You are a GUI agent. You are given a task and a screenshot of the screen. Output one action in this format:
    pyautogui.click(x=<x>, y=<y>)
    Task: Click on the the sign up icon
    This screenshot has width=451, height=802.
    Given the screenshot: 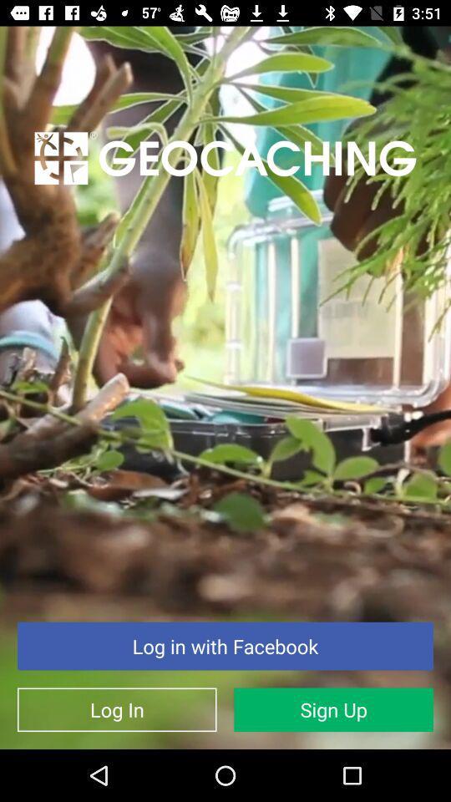 What is the action you would take?
    pyautogui.click(x=333, y=708)
    